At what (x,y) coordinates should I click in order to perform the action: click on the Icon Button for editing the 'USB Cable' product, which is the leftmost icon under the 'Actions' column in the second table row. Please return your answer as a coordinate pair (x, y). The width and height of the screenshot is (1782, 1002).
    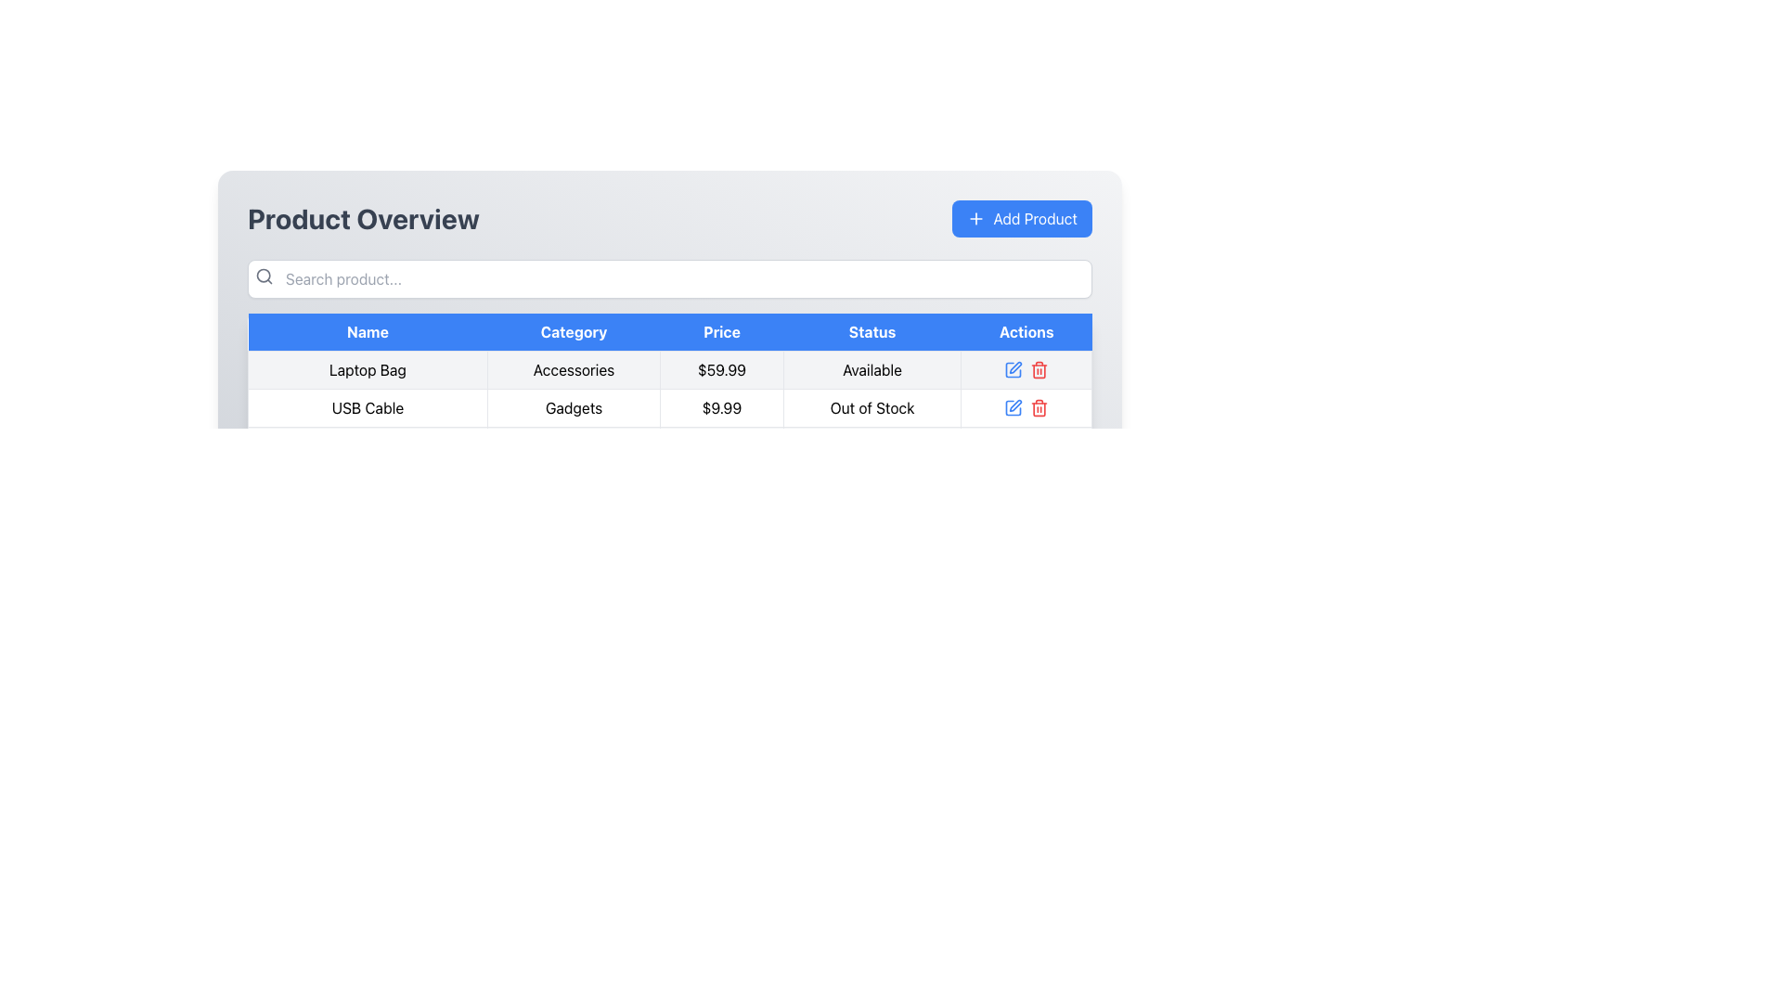
    Looking at the image, I should click on (1013, 406).